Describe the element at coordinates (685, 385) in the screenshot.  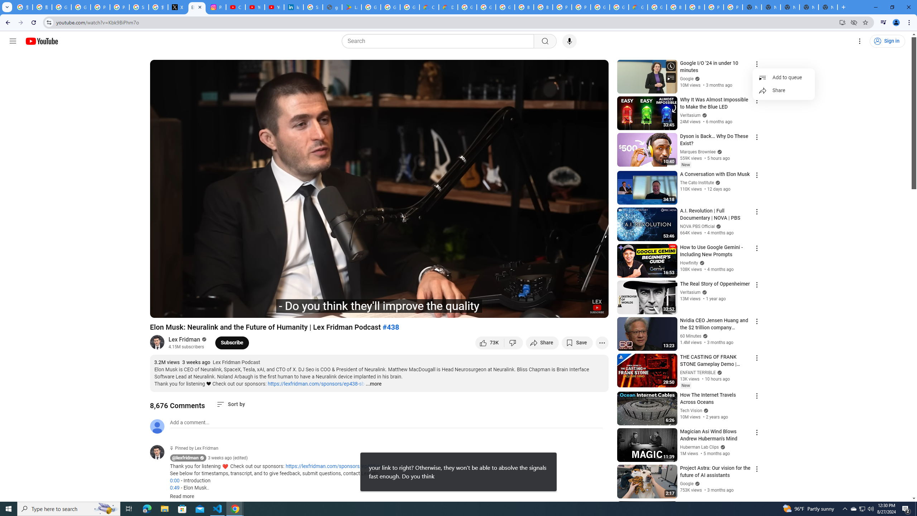
I see `'New'` at that location.